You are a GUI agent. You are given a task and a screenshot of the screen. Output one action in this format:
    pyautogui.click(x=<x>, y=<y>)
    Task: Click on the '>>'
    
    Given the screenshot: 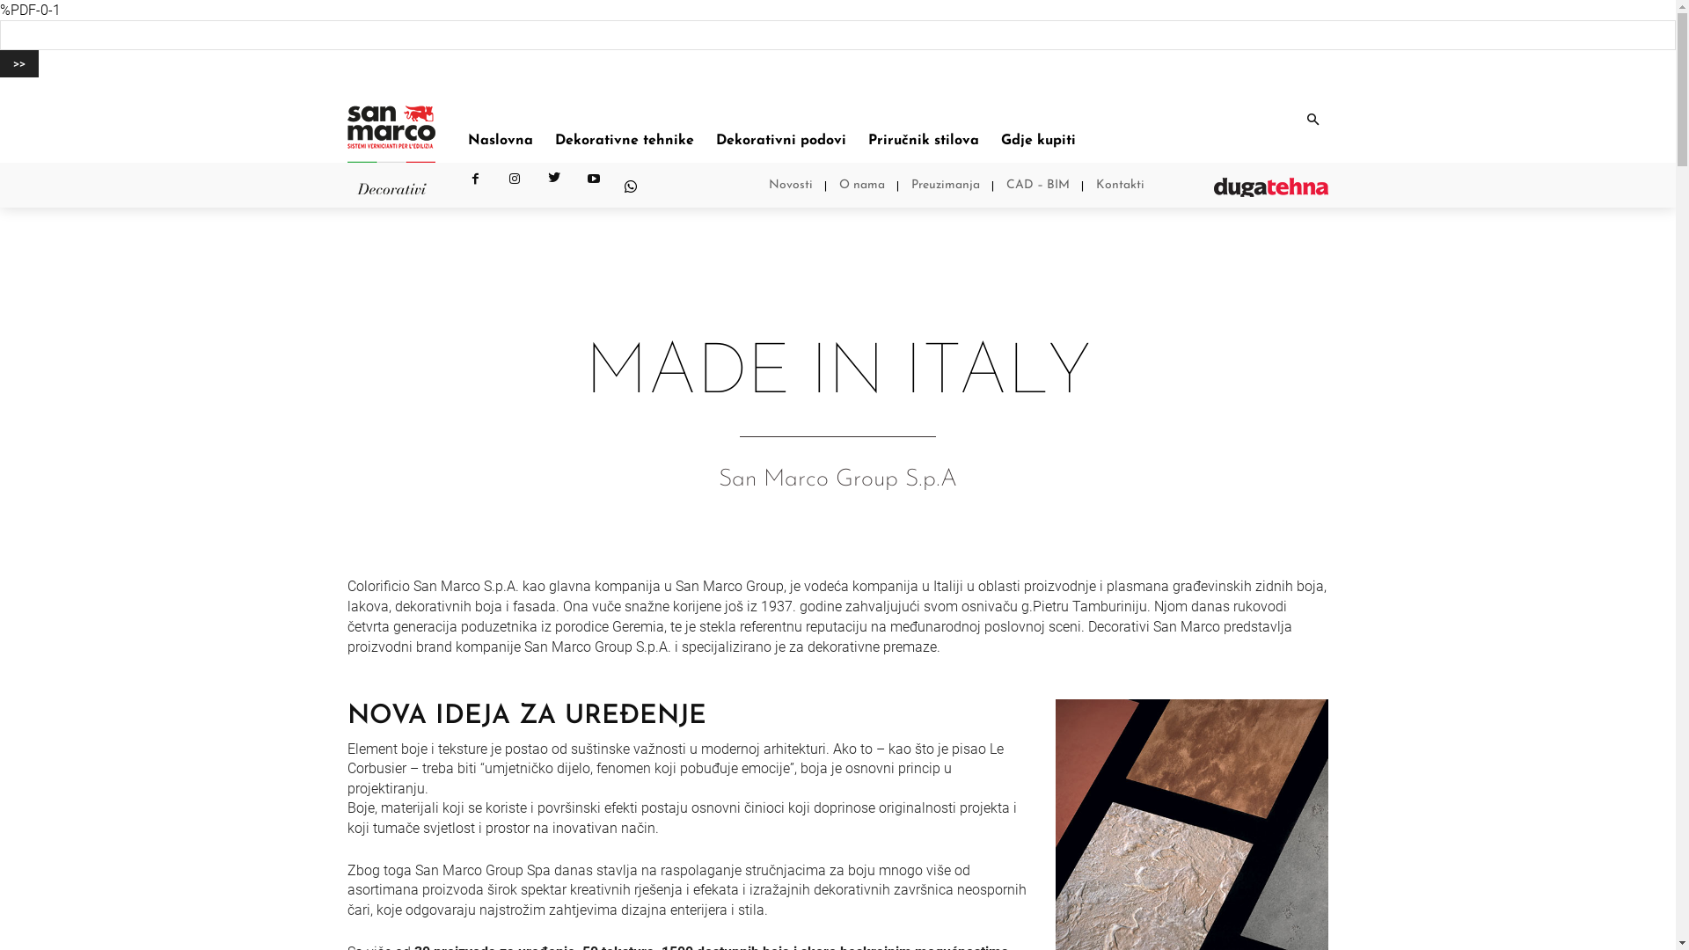 What is the action you would take?
    pyautogui.click(x=19, y=62)
    